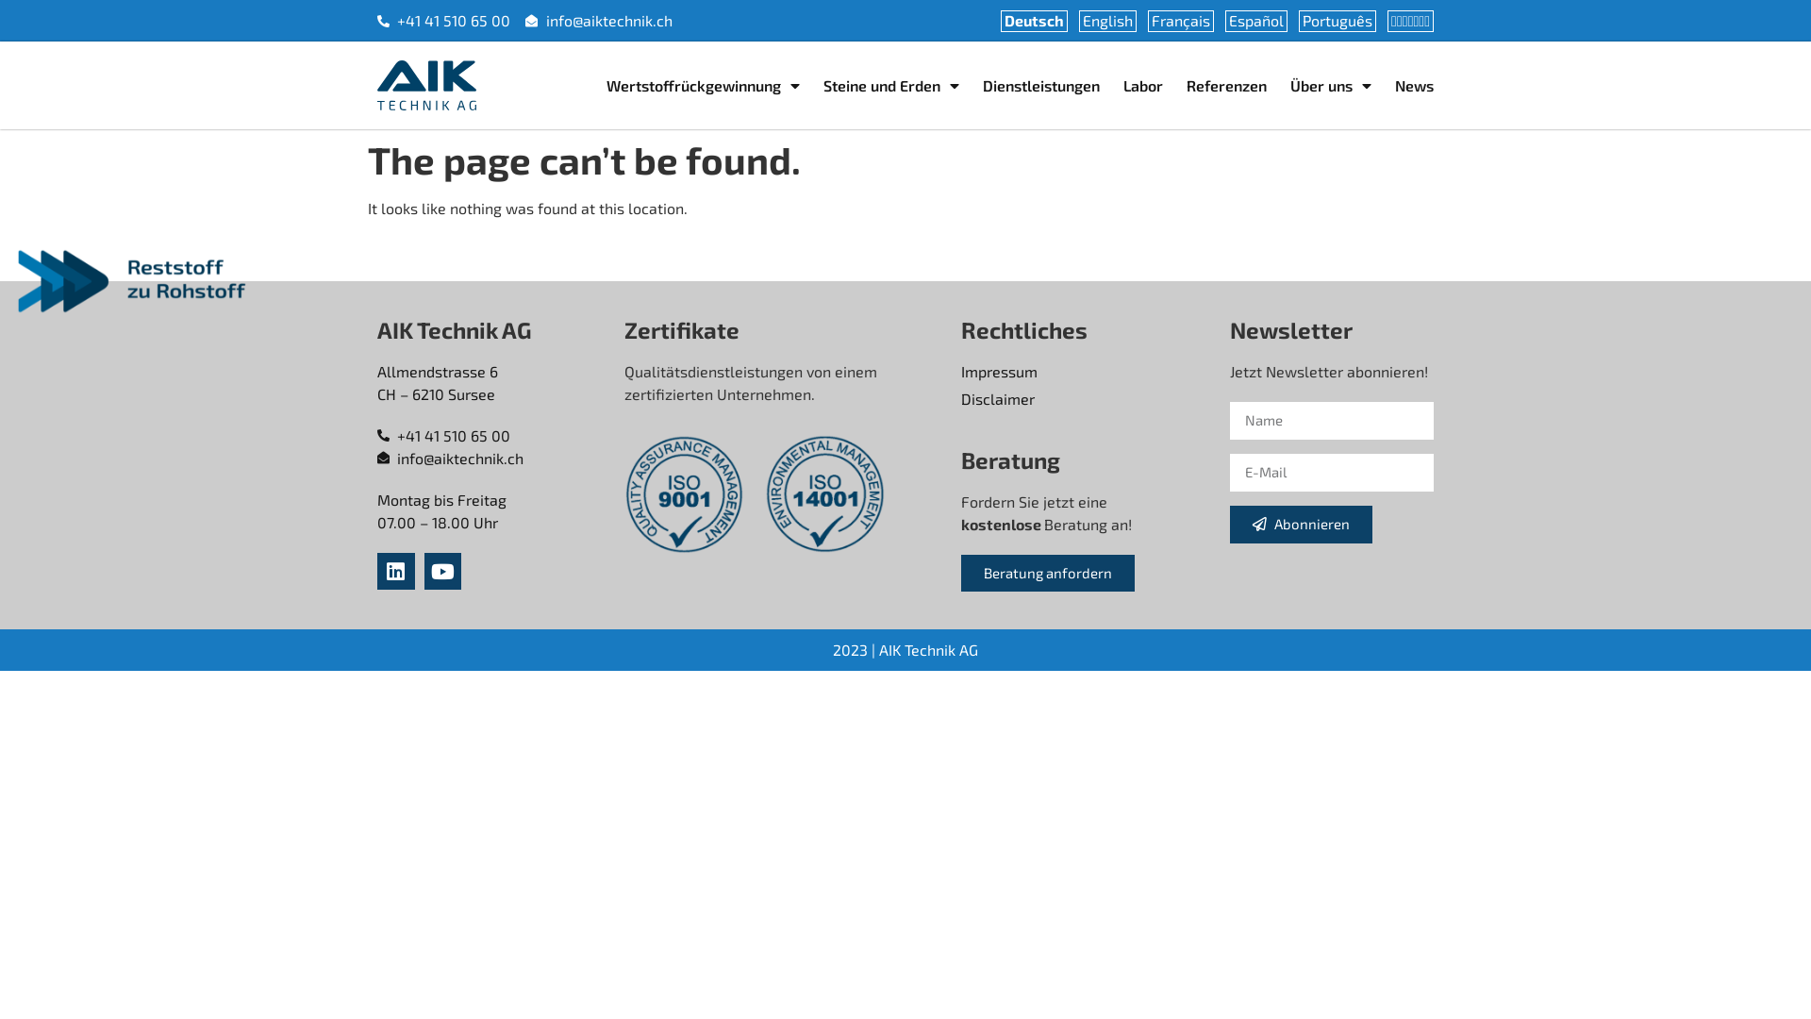 The image size is (1811, 1019). Describe the element at coordinates (1230, 524) in the screenshot. I see `'Abonnieren'` at that location.